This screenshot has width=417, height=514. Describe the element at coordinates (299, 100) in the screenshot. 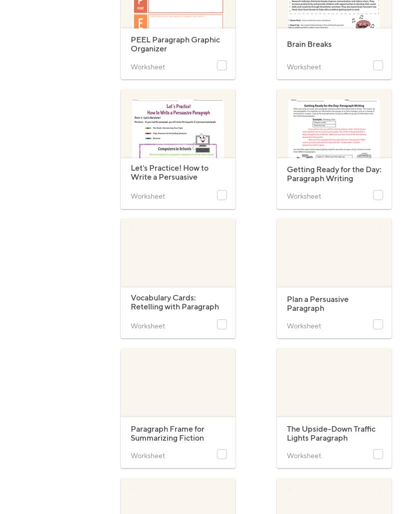

I see `'1st grade'` at that location.